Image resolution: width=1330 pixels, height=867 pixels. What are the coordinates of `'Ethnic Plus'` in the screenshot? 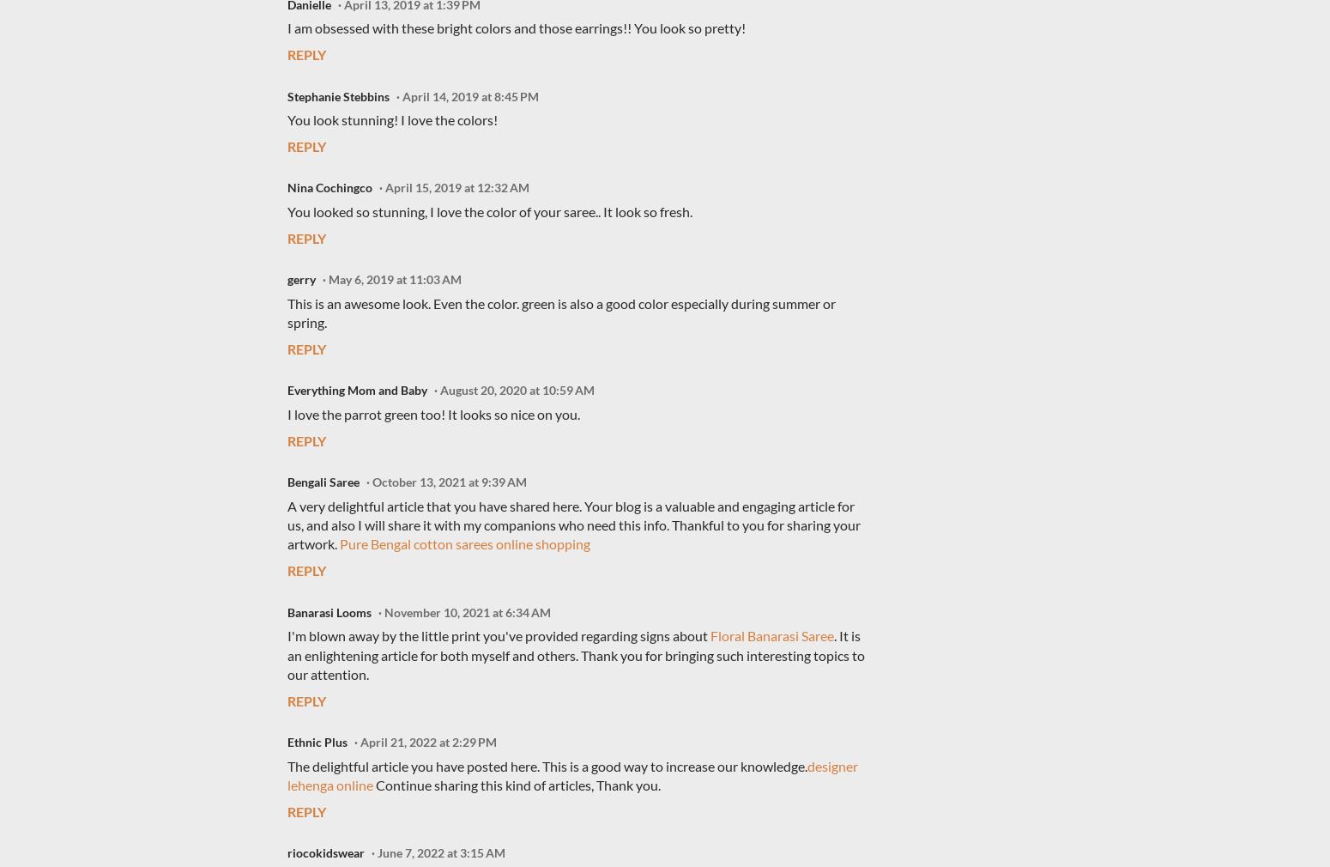 It's located at (286, 742).